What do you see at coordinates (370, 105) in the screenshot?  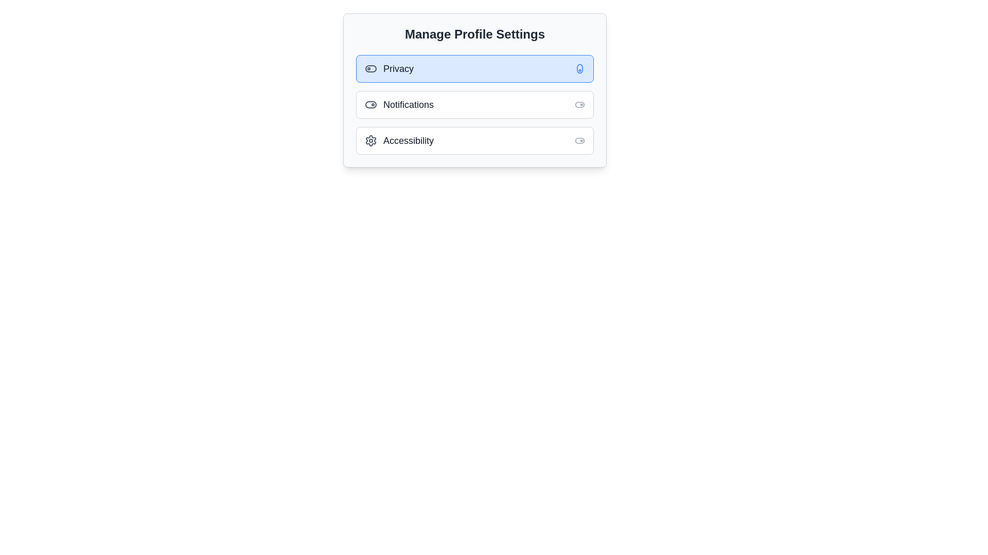 I see `the background layer of the toggle switch` at bounding box center [370, 105].